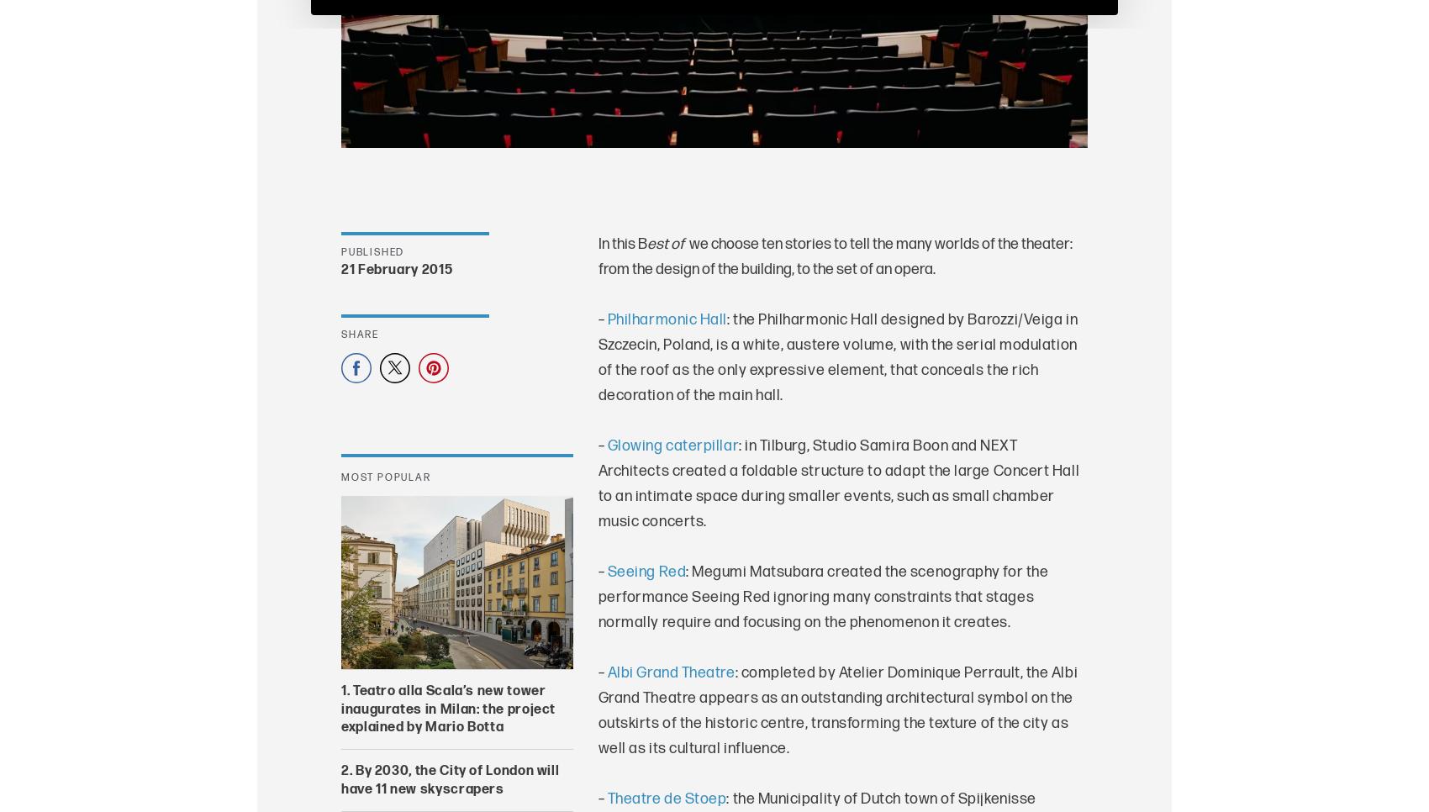 The image size is (1429, 812). What do you see at coordinates (340, 270) in the screenshot?
I see `'21 February 2015'` at bounding box center [340, 270].